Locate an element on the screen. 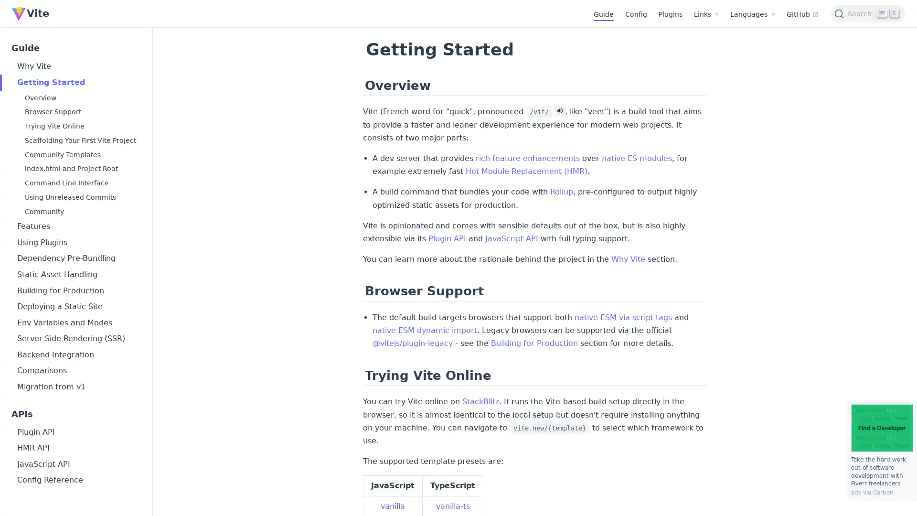  Search is located at coordinates (868, 13).